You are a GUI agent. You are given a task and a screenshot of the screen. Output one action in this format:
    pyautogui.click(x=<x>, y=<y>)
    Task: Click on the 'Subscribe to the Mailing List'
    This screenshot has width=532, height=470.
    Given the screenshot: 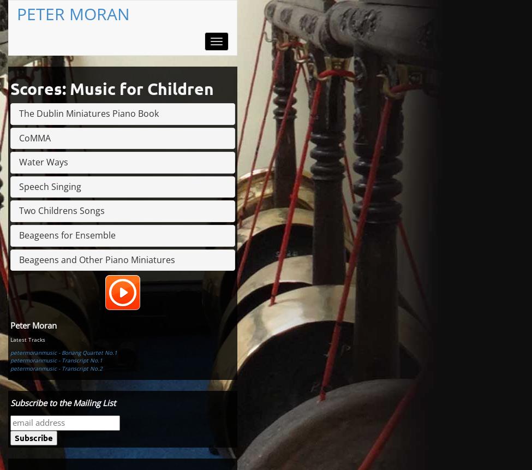 What is the action you would take?
    pyautogui.click(x=10, y=402)
    